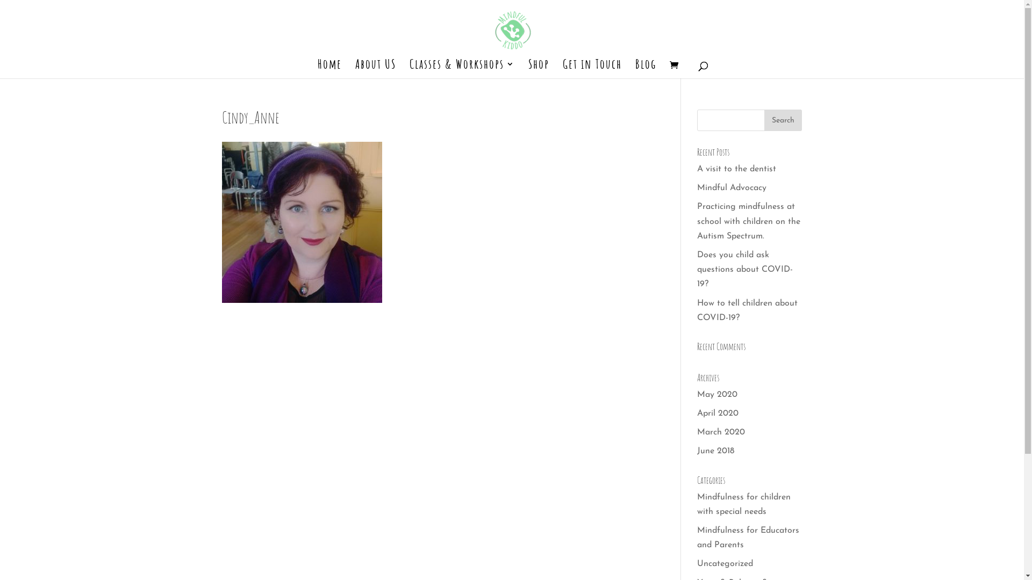  What do you see at coordinates (718, 413) in the screenshot?
I see `'April 2020'` at bounding box center [718, 413].